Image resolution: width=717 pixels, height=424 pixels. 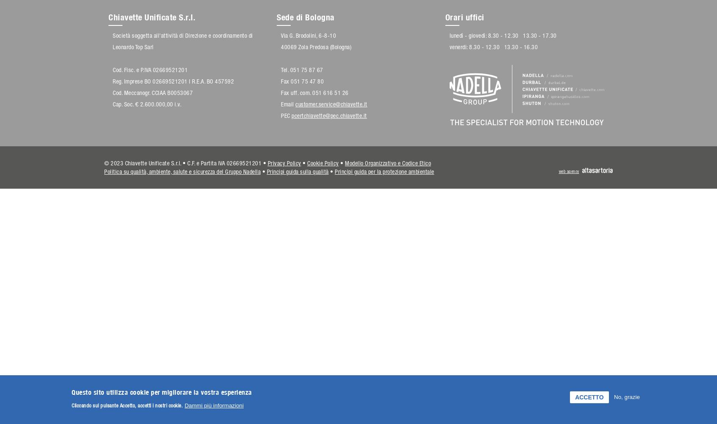 What do you see at coordinates (493, 47) in the screenshot?
I see `'venerdi: 8.30 - 12.30   13.30 - 16.30'` at bounding box center [493, 47].